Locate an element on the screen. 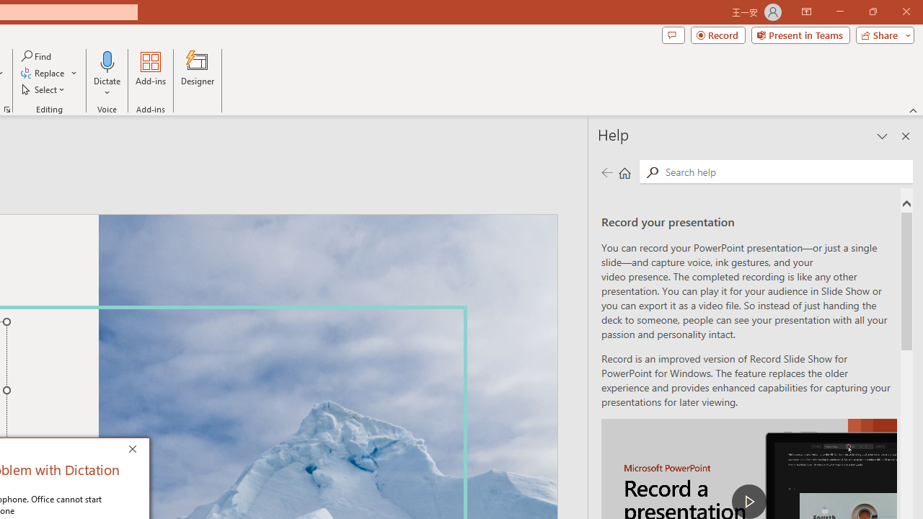  'Replace...' is located at coordinates (50, 73).